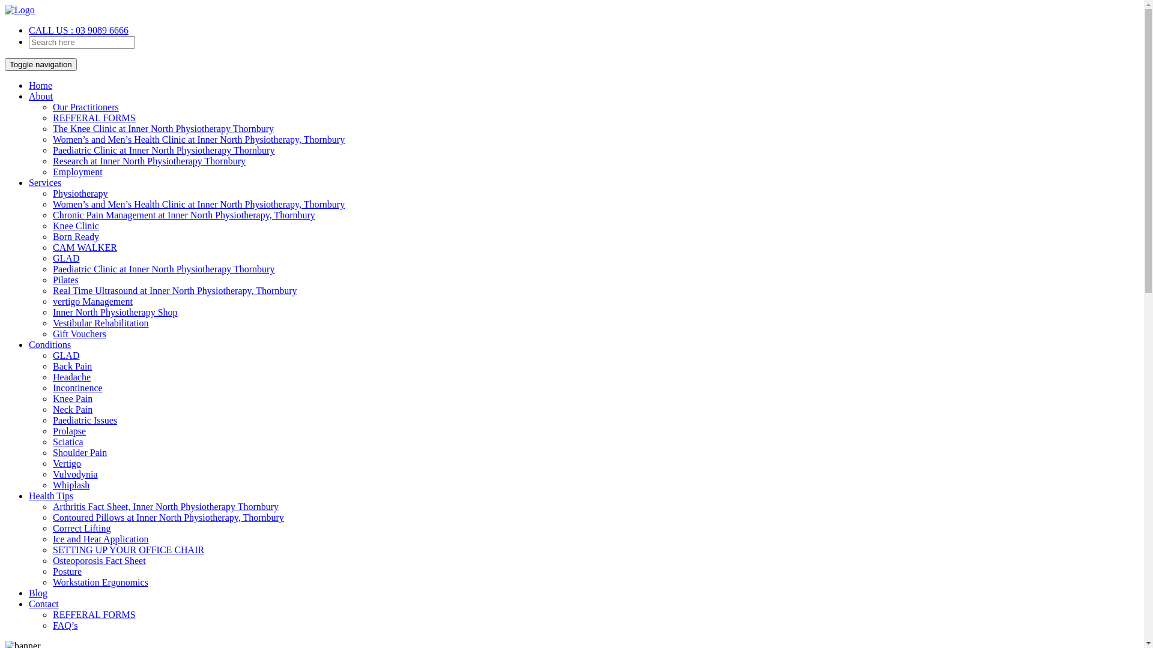 The height and width of the screenshot is (648, 1153). Describe the element at coordinates (163, 268) in the screenshot. I see `'Paediatric Clinic at Inner North Physiotherapy Thornbury'` at that location.